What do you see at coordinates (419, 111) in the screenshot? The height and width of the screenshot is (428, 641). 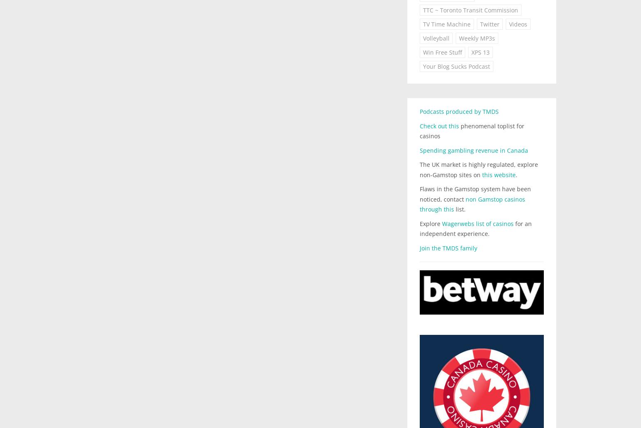 I see `'Podcasts produced by TMDS'` at bounding box center [419, 111].